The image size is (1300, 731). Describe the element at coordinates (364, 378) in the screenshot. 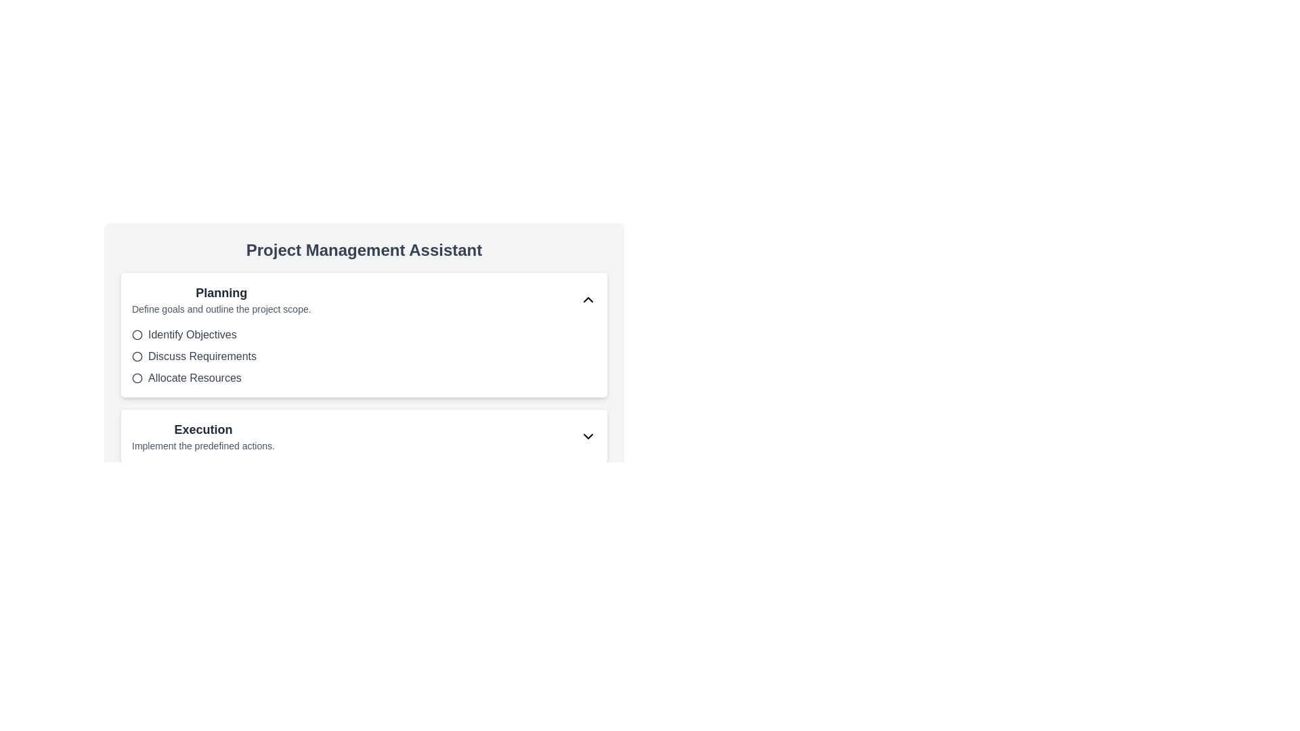

I see `to select the list item displaying 'Allocate Resources' in the 'Planning' section, which is the last option in the list of three action items` at that location.